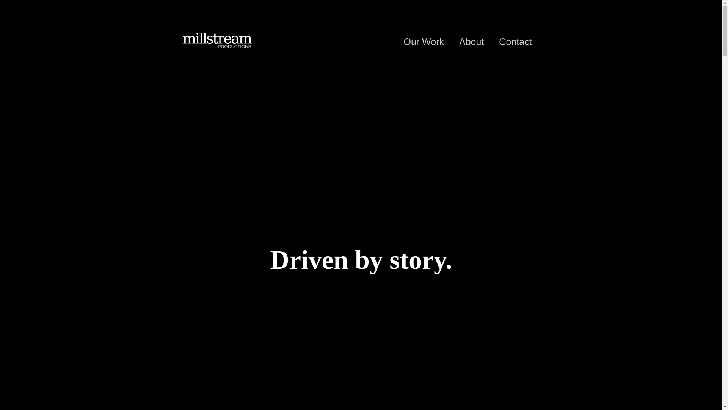  I want to click on 'About', so click(471, 42).